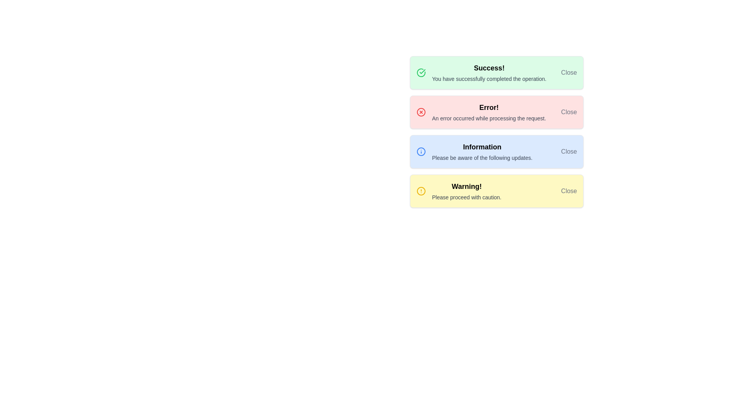 The width and height of the screenshot is (744, 418). What do you see at coordinates (489, 79) in the screenshot?
I see `text label displaying the message 'You have successfully completed the operation.' located below the 'Success!' heading in the green notification card` at bounding box center [489, 79].